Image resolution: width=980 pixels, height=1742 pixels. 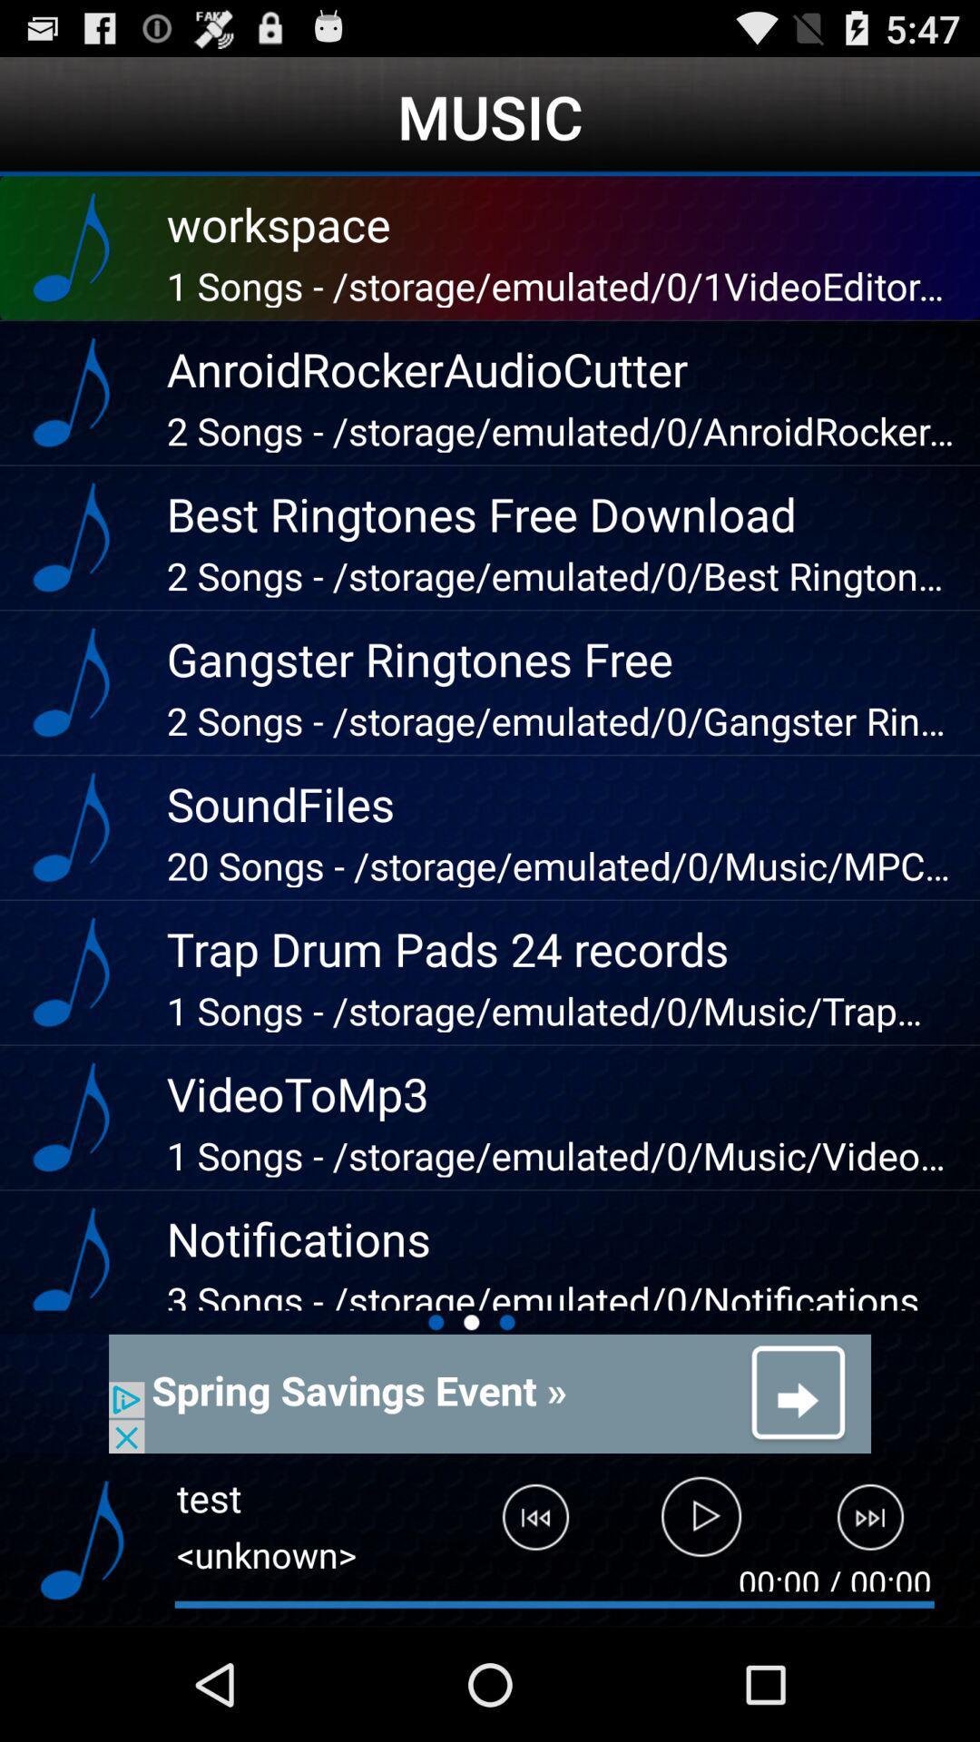 I want to click on the music, so click(x=701, y=1524).